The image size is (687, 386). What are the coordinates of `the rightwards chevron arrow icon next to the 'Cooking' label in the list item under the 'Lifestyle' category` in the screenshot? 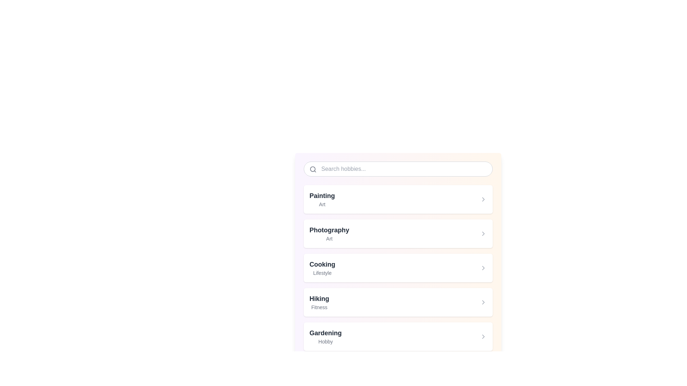 It's located at (483, 268).